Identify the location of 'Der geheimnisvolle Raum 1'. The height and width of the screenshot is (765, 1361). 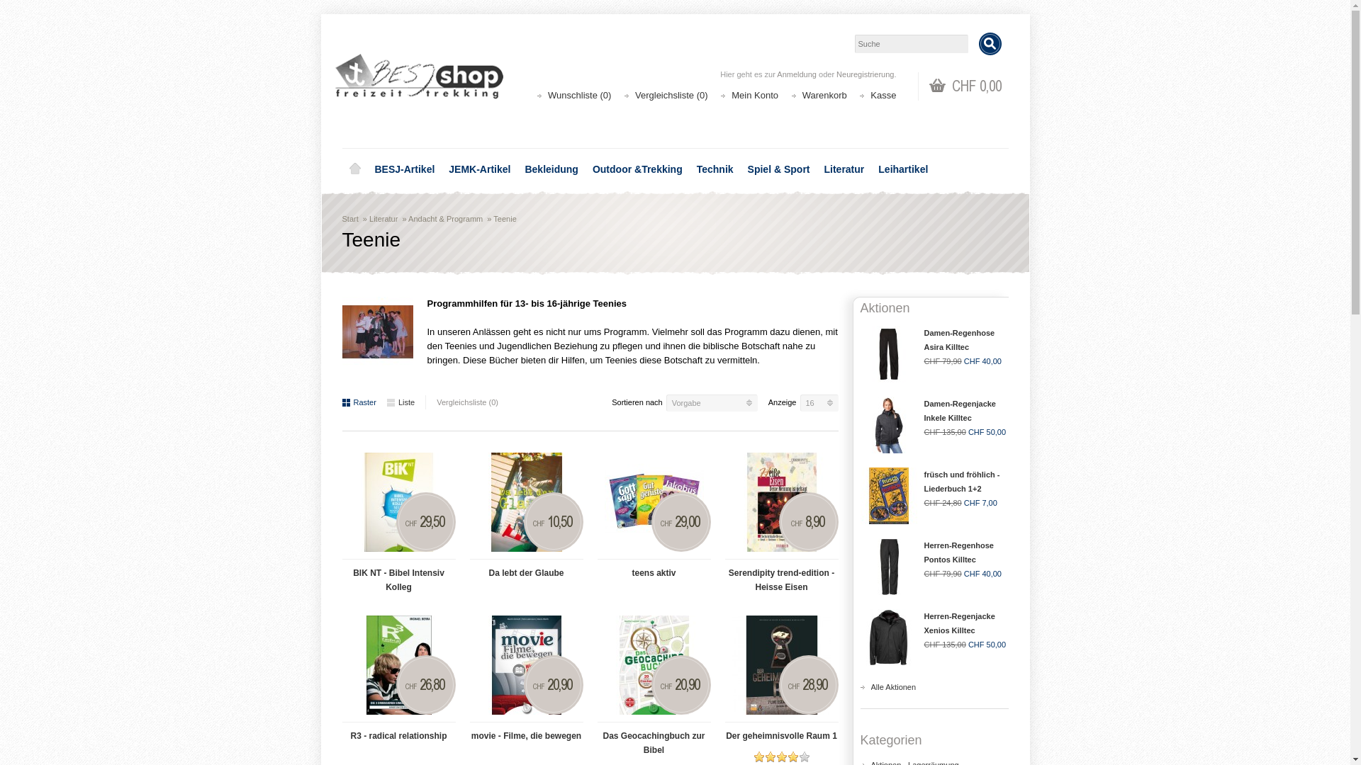
(780, 664).